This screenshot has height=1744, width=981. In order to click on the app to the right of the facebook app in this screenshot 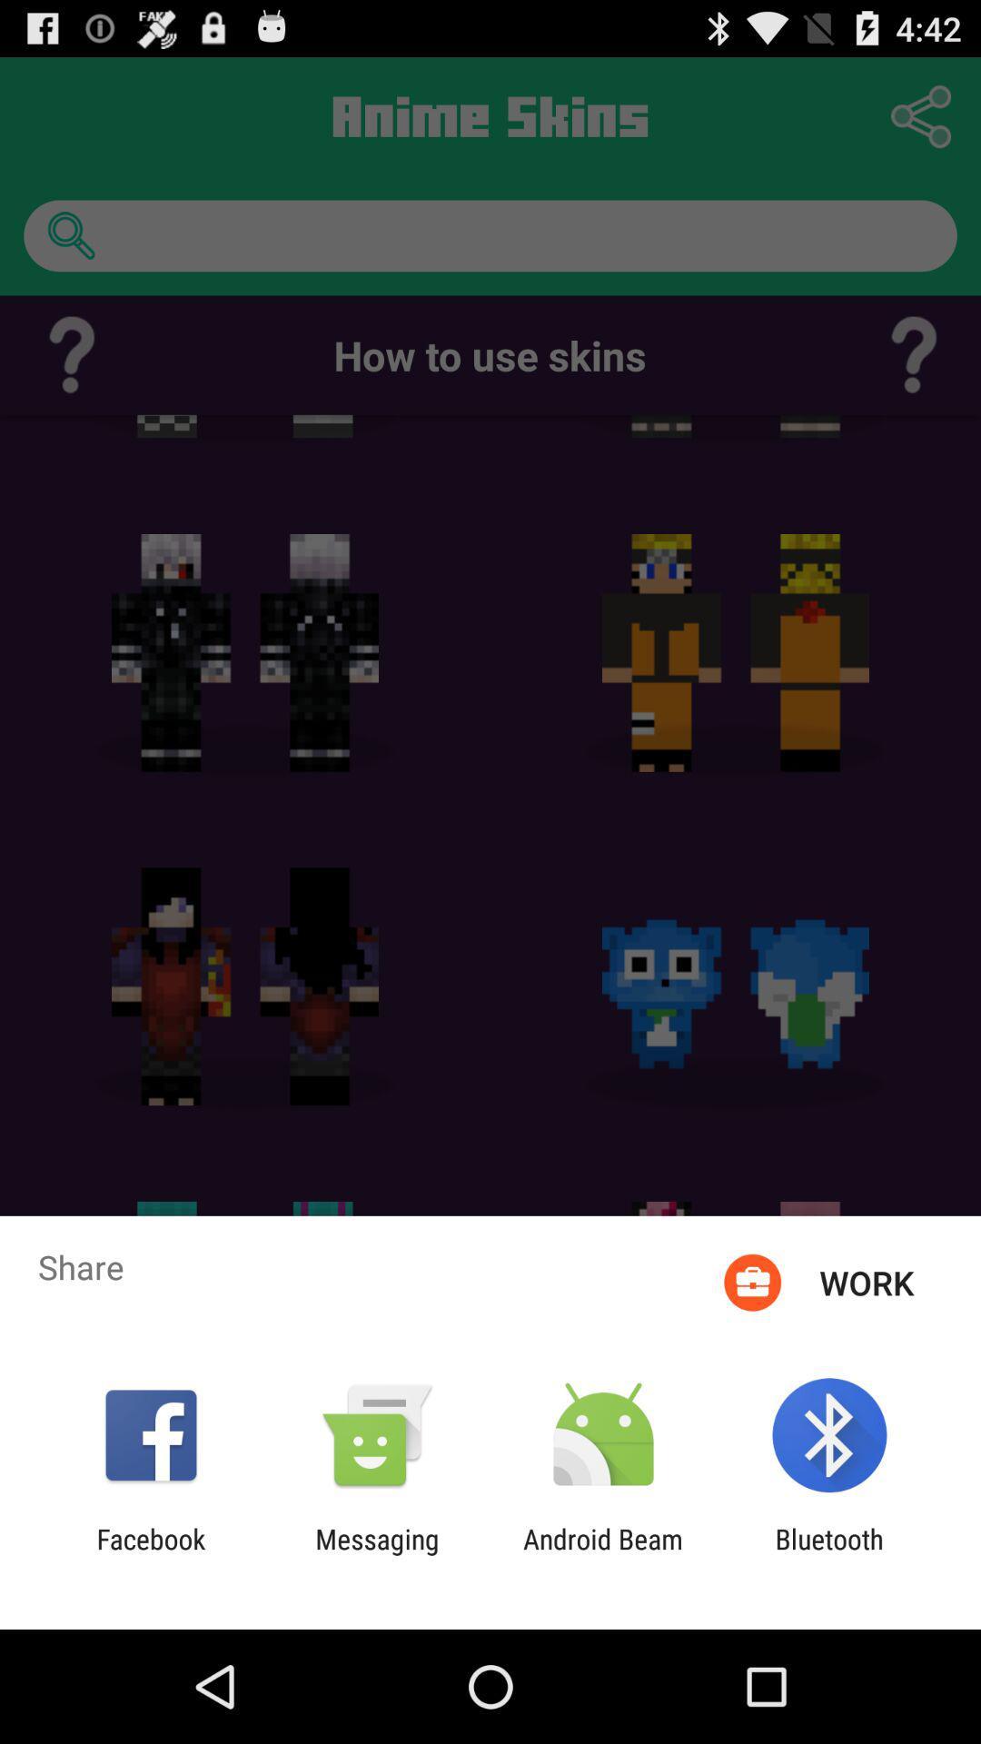, I will do `click(376, 1554)`.